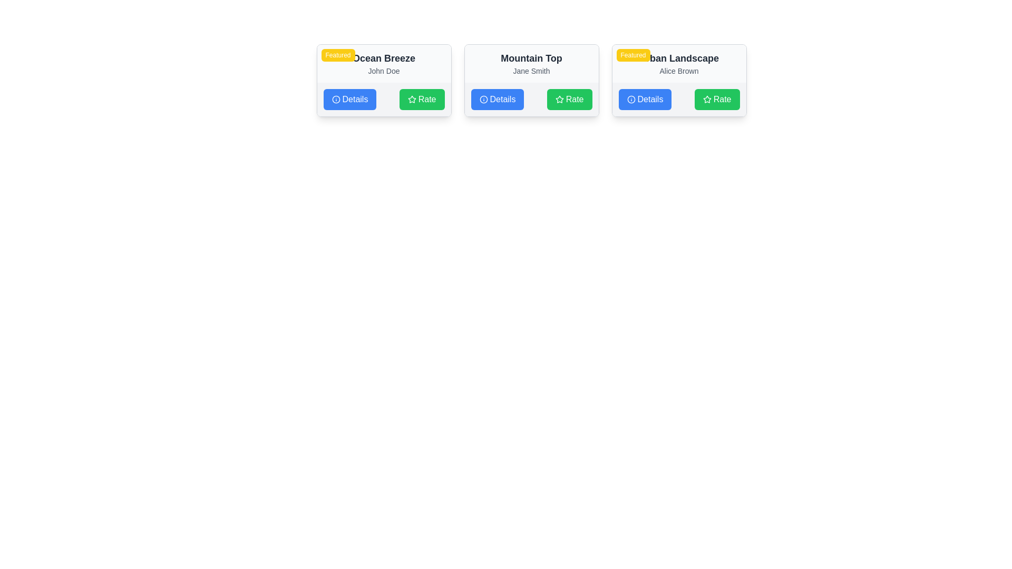  What do you see at coordinates (632, 55) in the screenshot?
I see `the badge in the top-left corner of the 'Urban Landscape' card by Alice Brown, which indicates it as a featured item` at bounding box center [632, 55].